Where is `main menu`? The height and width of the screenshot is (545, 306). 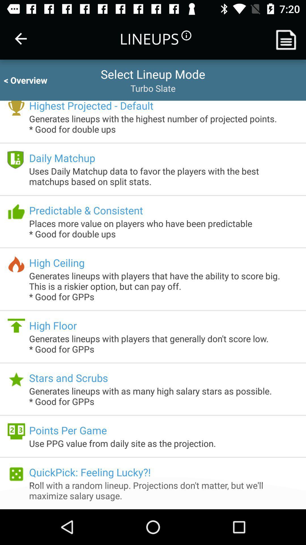 main menu is located at coordinates (288, 38).